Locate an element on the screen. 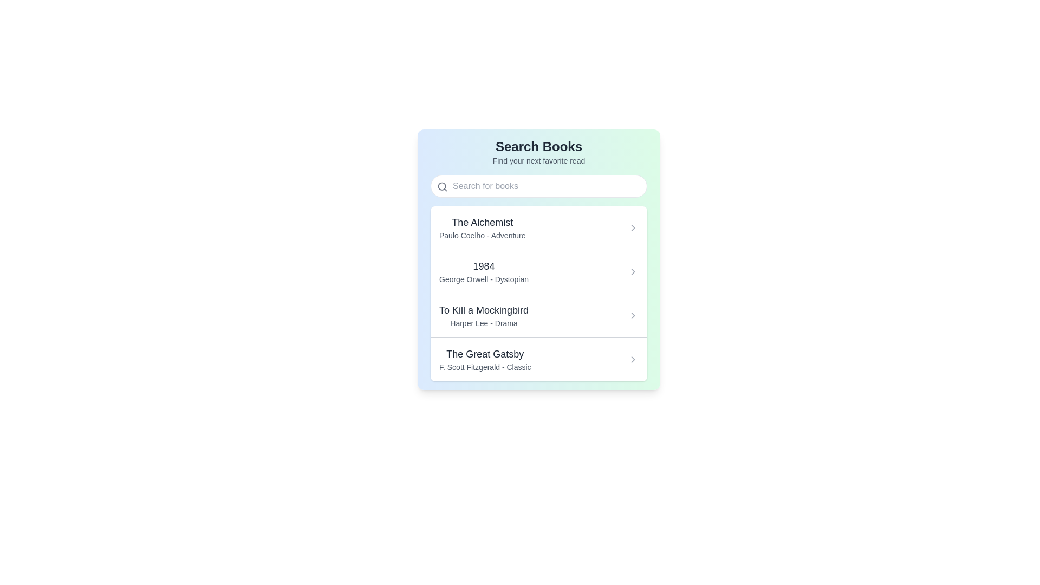 The height and width of the screenshot is (585, 1040). the book entry text is located at coordinates (483, 271).